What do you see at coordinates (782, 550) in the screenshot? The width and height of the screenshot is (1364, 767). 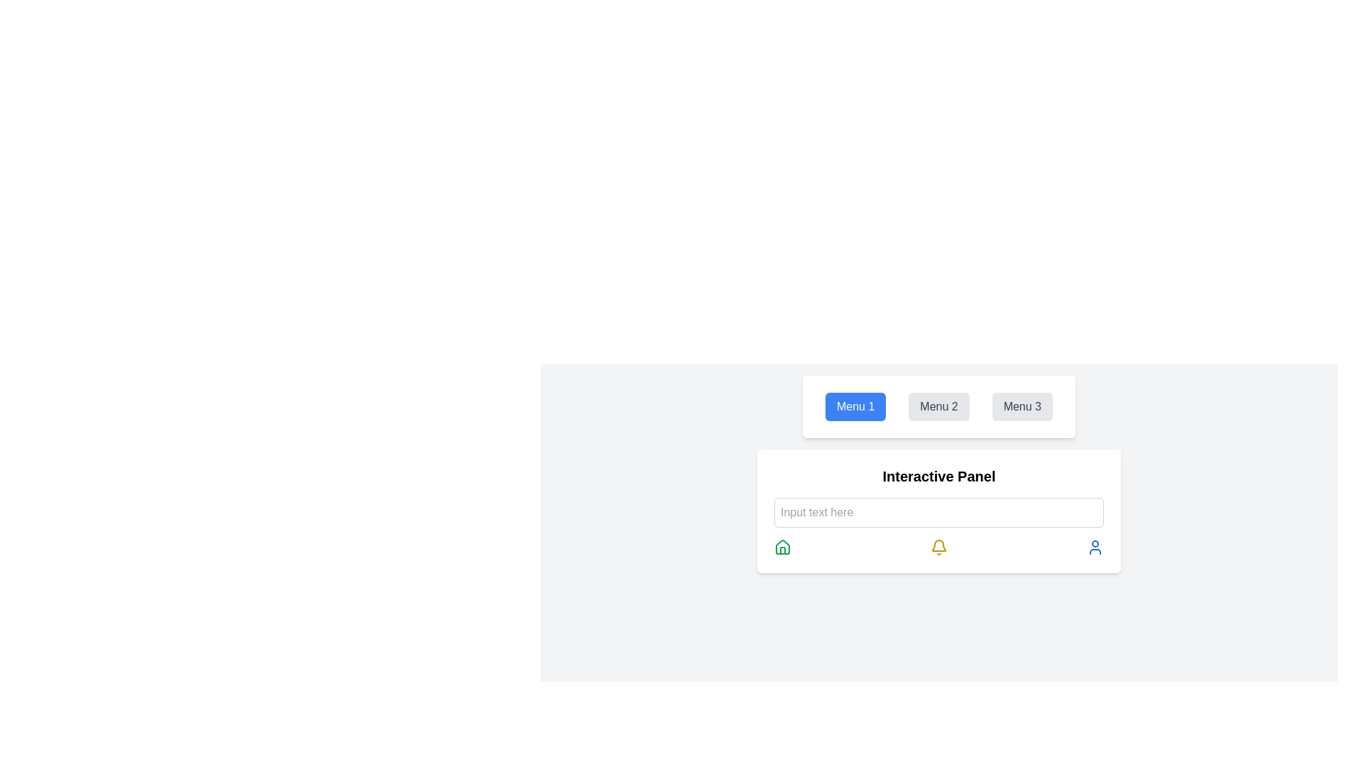 I see `the house-shaped icon's base structure, which is a part of a minimalist SVG graphic located at the center of the house icon` at bounding box center [782, 550].